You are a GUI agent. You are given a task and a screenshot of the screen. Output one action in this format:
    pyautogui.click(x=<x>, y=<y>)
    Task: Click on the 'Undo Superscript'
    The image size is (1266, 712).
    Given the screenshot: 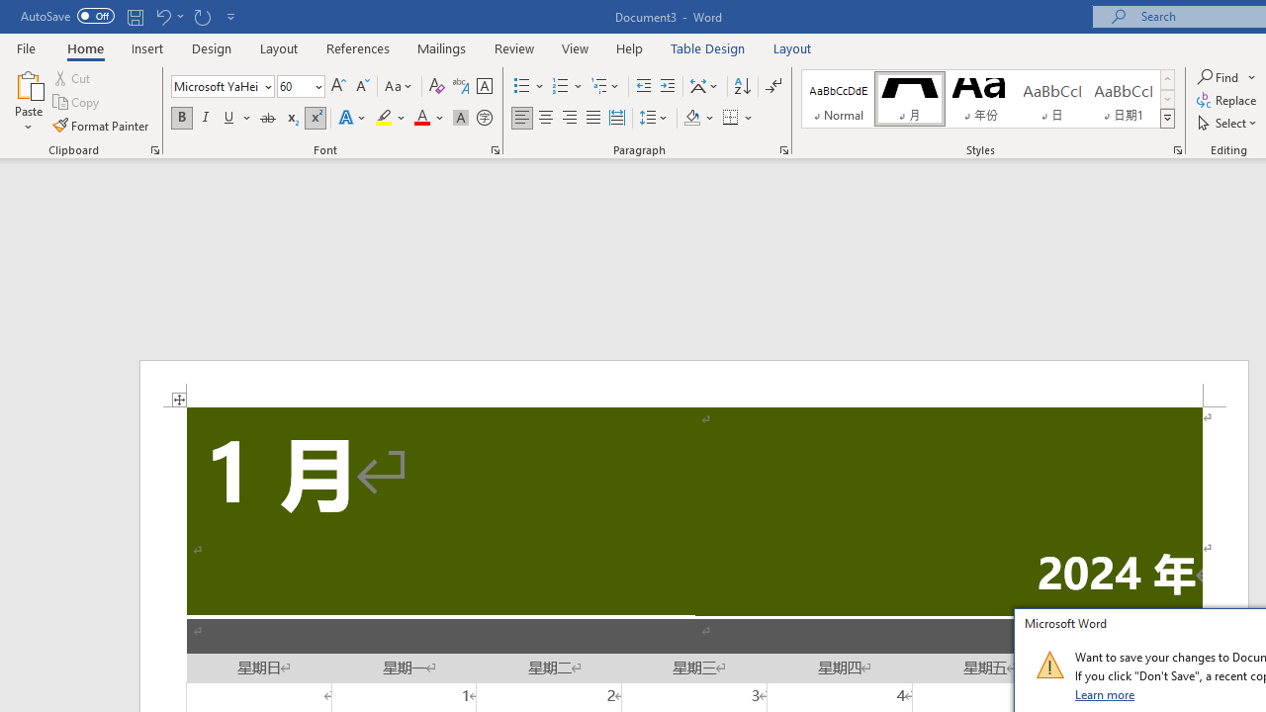 What is the action you would take?
    pyautogui.click(x=162, y=16)
    